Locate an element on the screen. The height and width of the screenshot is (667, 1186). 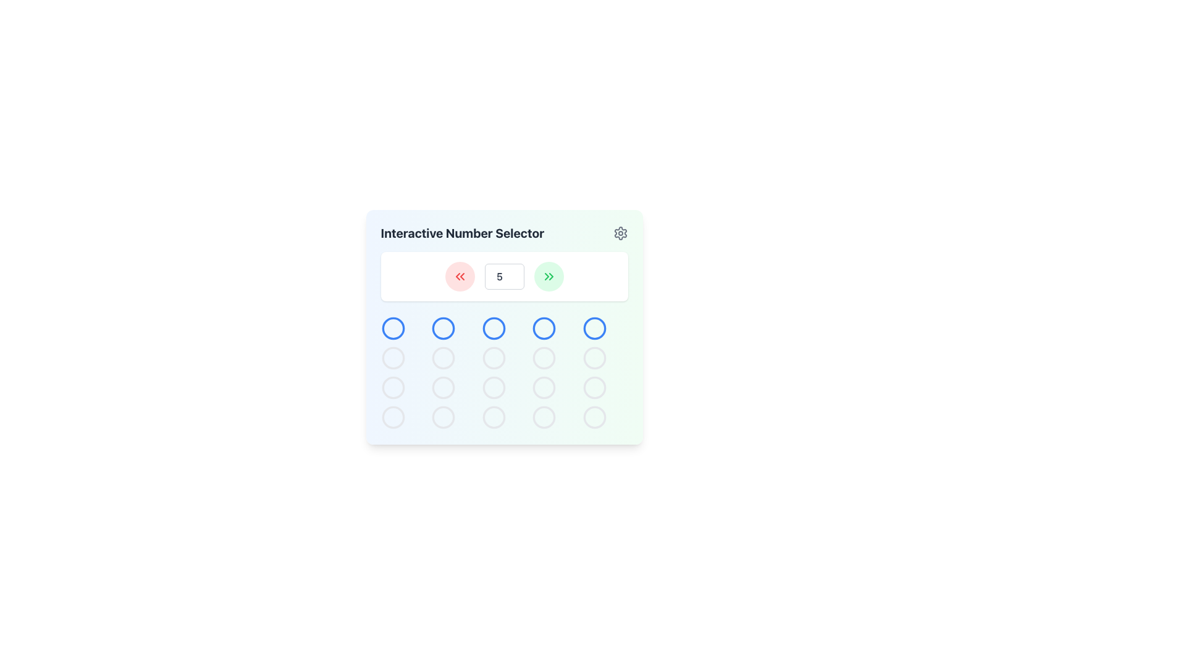
the left chevron icon, which is part of a dual-chevron navigation element located next to the number box labeled '5' is located at coordinates (545, 275).